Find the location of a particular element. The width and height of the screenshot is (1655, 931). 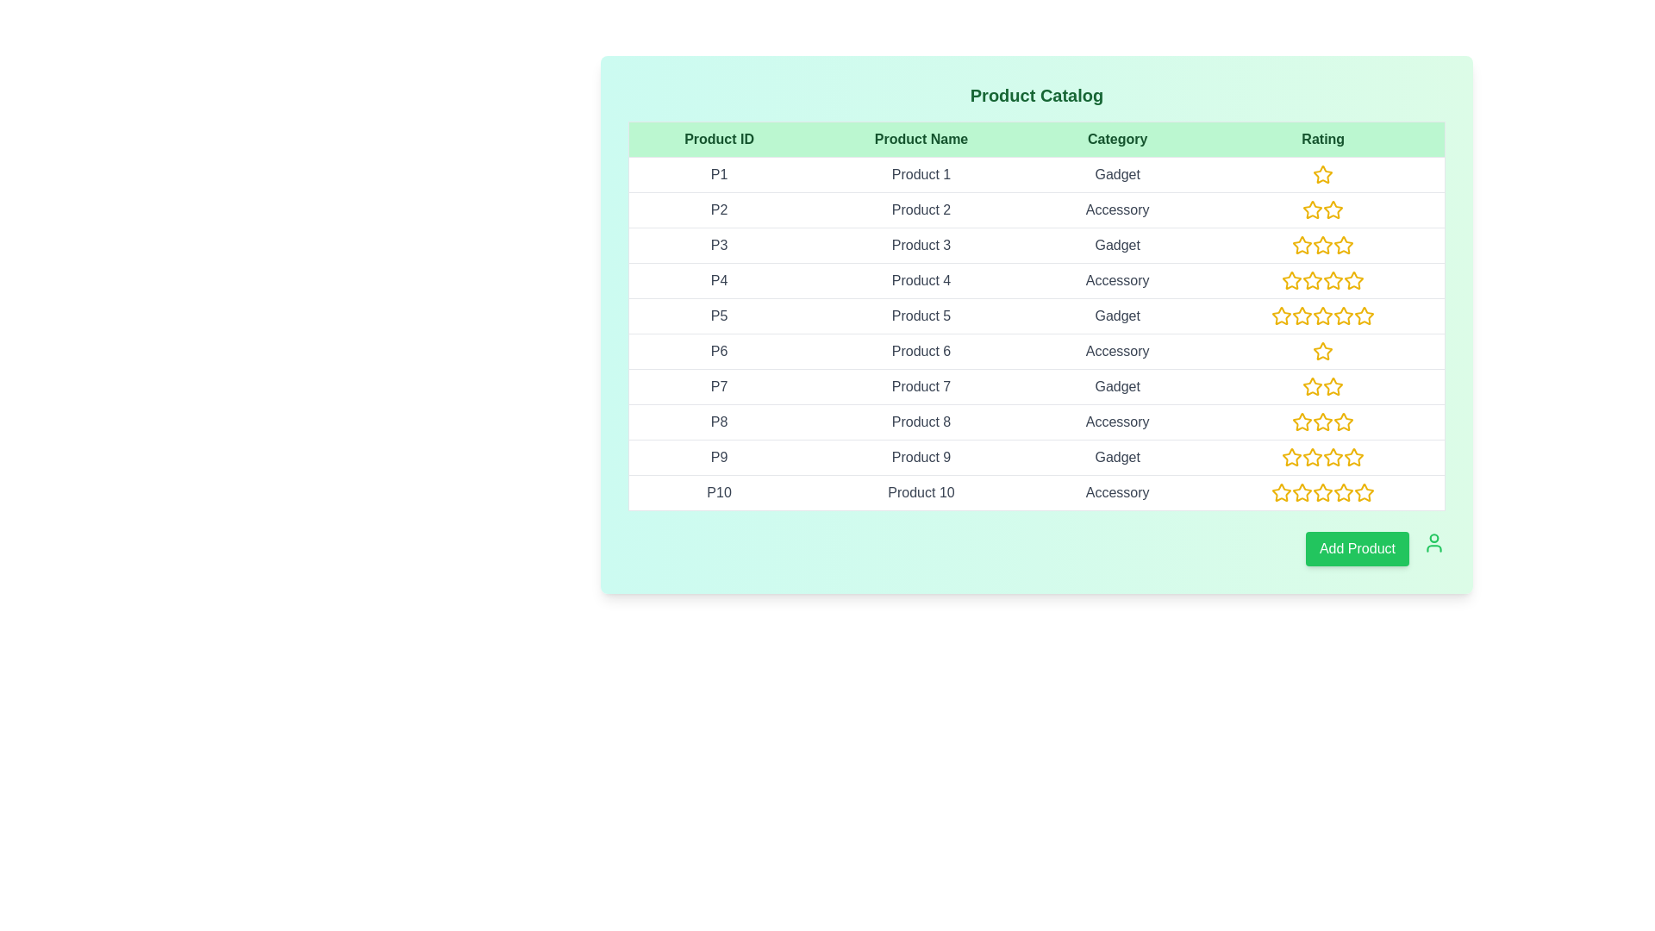

the table header Product Name to sort the table by that column is located at coordinates (921, 139).